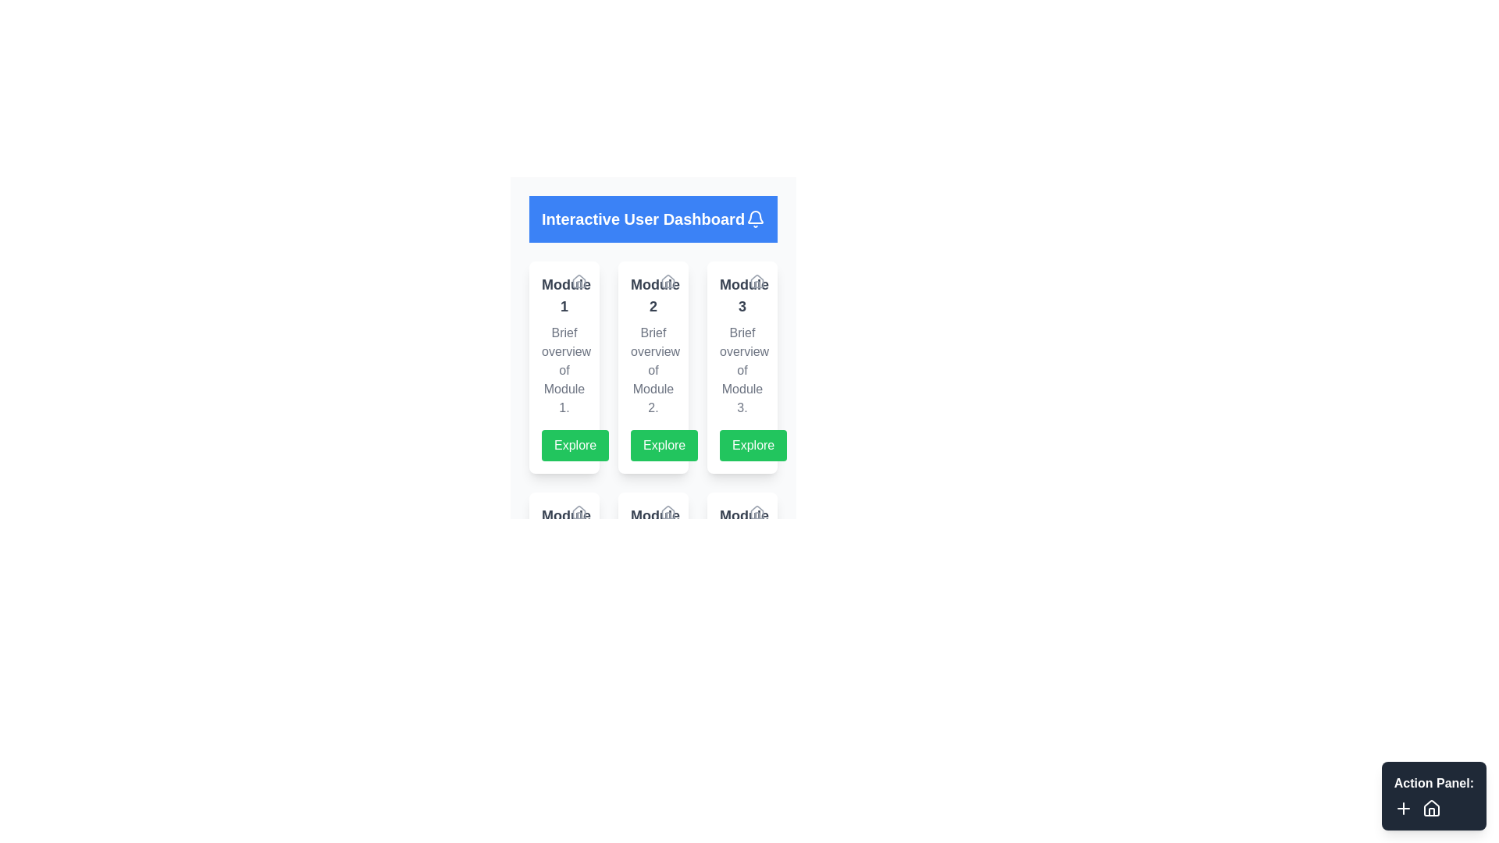  Describe the element at coordinates (575, 445) in the screenshot. I see `the green 'Explore' button located below the 'Brief overview of Module 1' text` at that location.